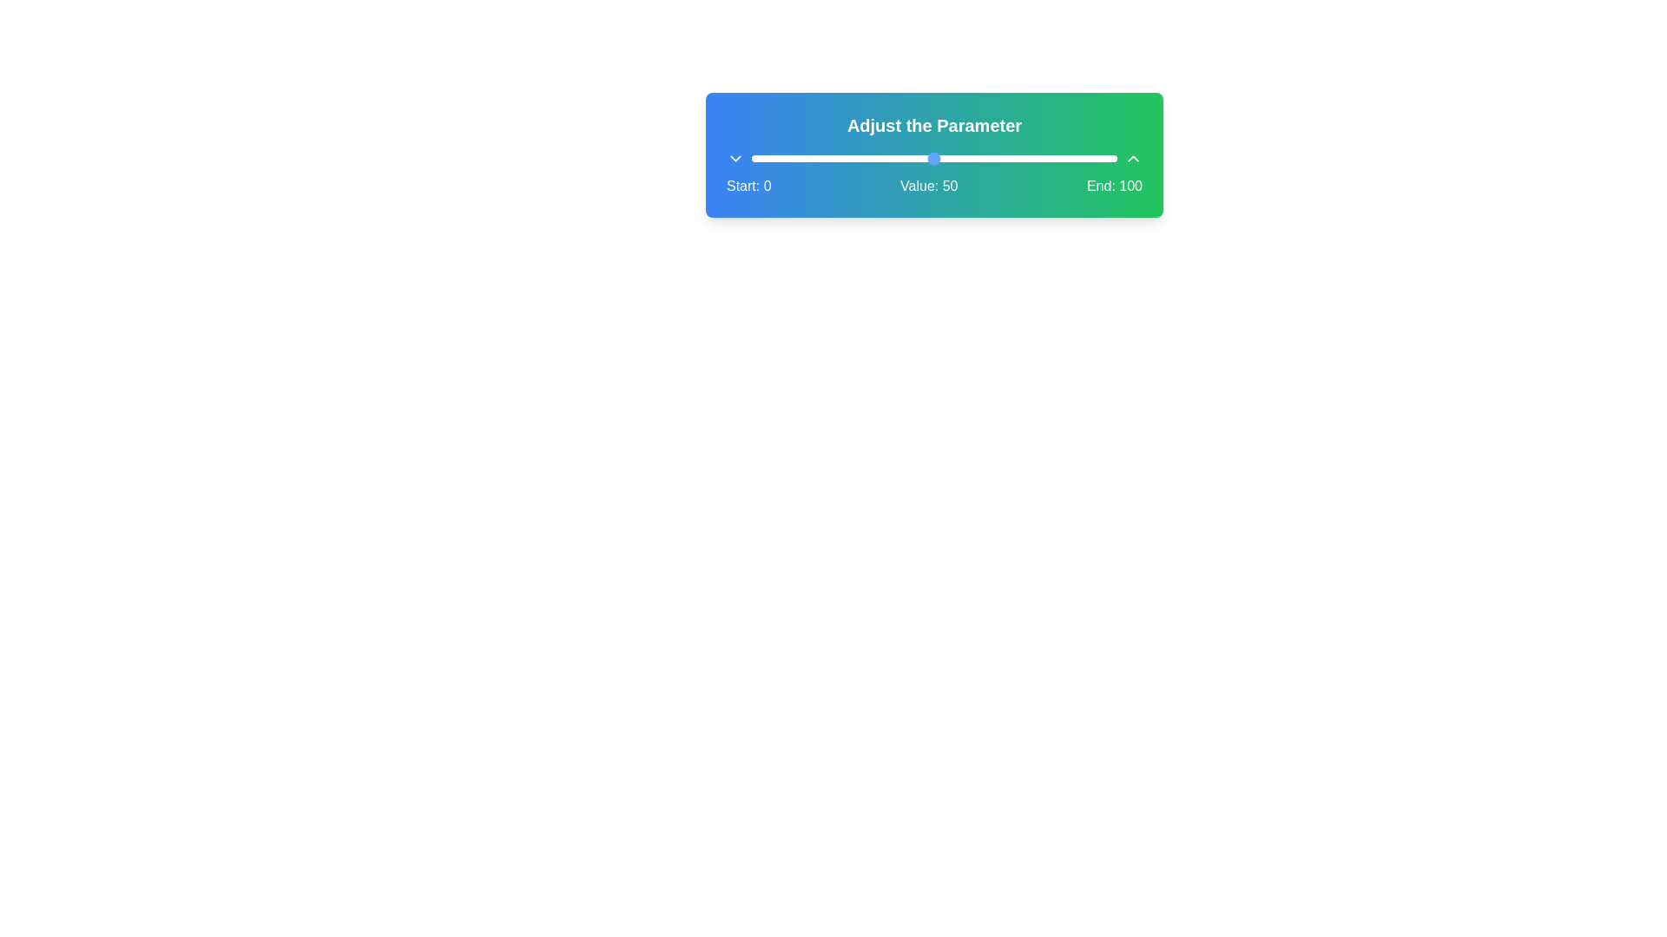  What do you see at coordinates (932, 158) in the screenshot?
I see `the slider value` at bounding box center [932, 158].